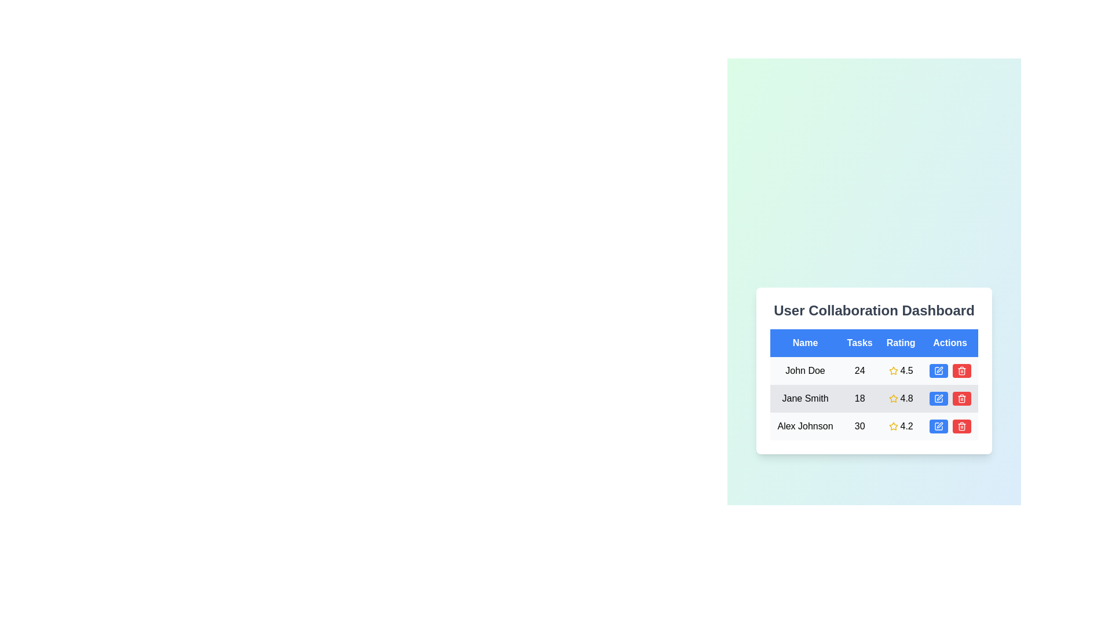  Describe the element at coordinates (874, 343) in the screenshot. I see `the Table Header Row which spans horizontally at the top of the data table, providing labels for the columns` at that location.